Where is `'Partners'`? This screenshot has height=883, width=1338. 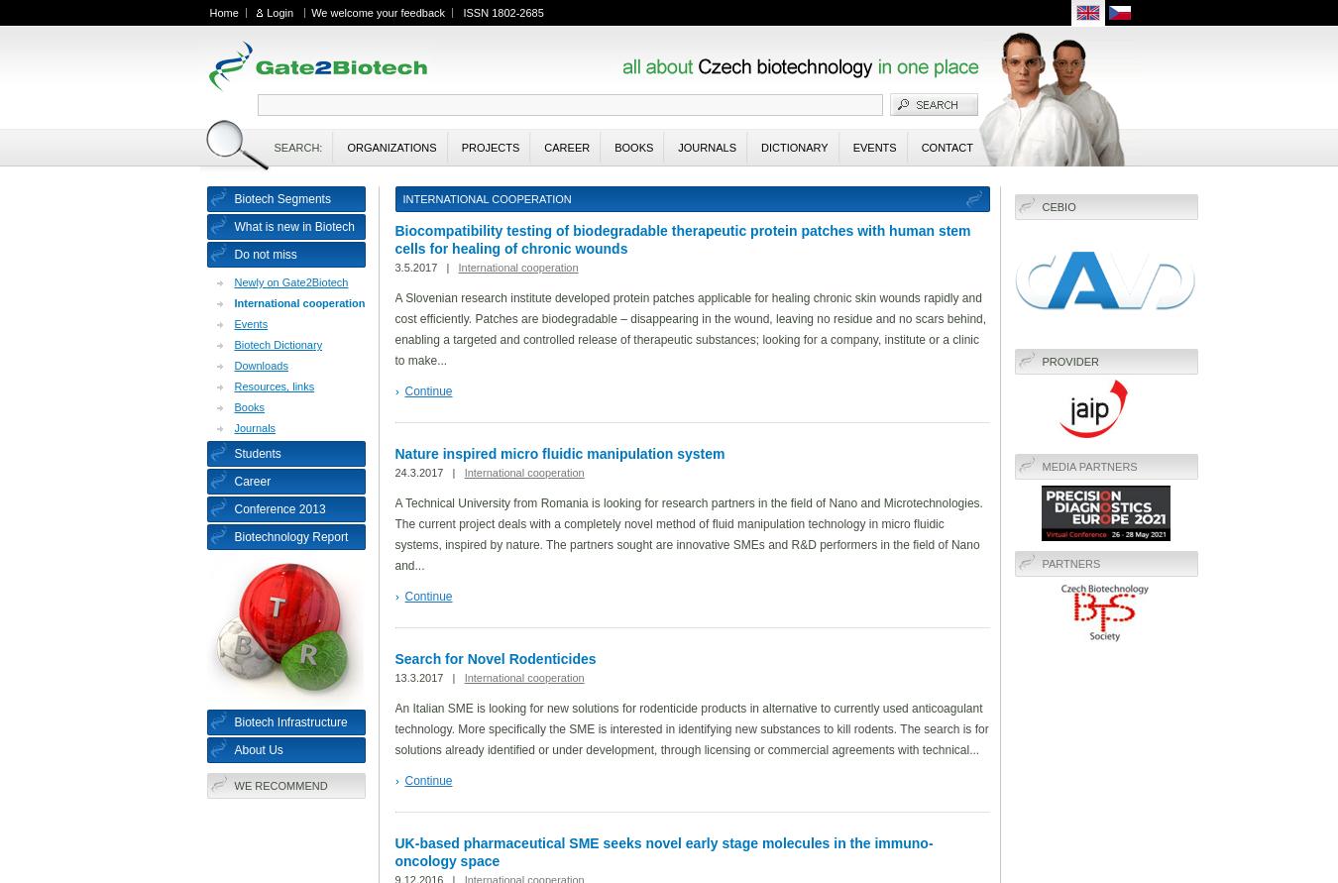 'Partners' is located at coordinates (1070, 563).